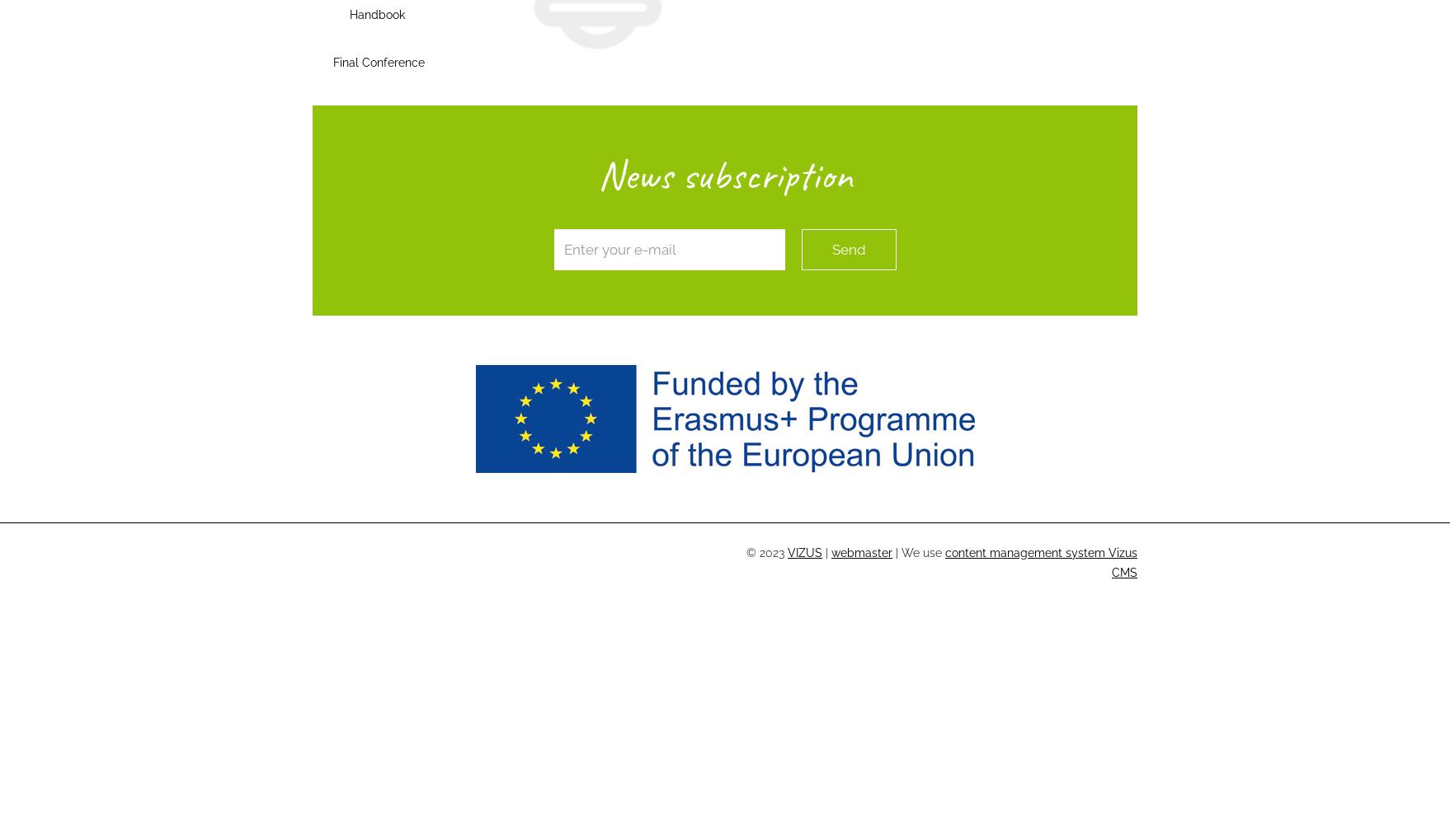  I want to click on 'content management system Vizus CMS', so click(1041, 562).